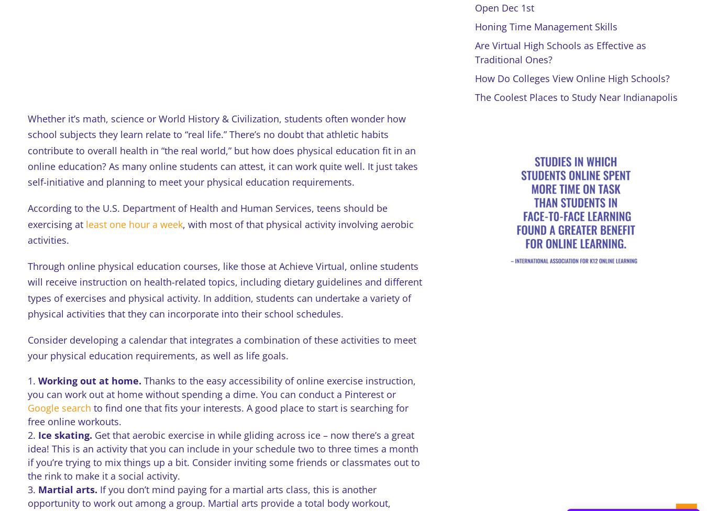 This screenshot has width=707, height=511. I want to click on 'Thanks to the easy accessibility of online exercise instruction, you can work out at home without spending a dime. You can conduct a Pinterest or', so click(26, 387).